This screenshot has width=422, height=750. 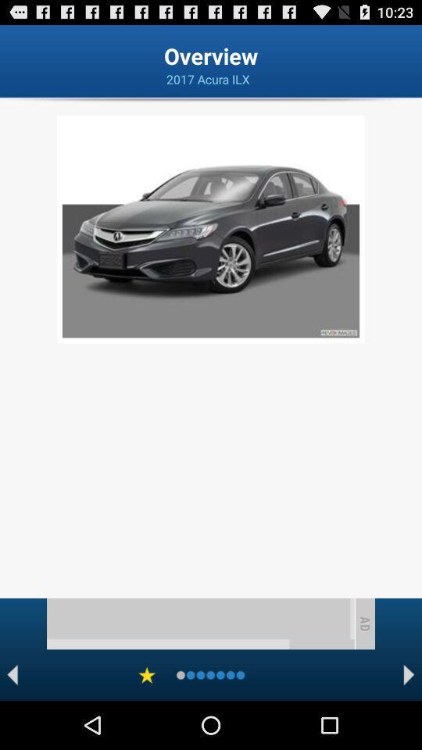 I want to click on move right one picture, so click(x=409, y=674).